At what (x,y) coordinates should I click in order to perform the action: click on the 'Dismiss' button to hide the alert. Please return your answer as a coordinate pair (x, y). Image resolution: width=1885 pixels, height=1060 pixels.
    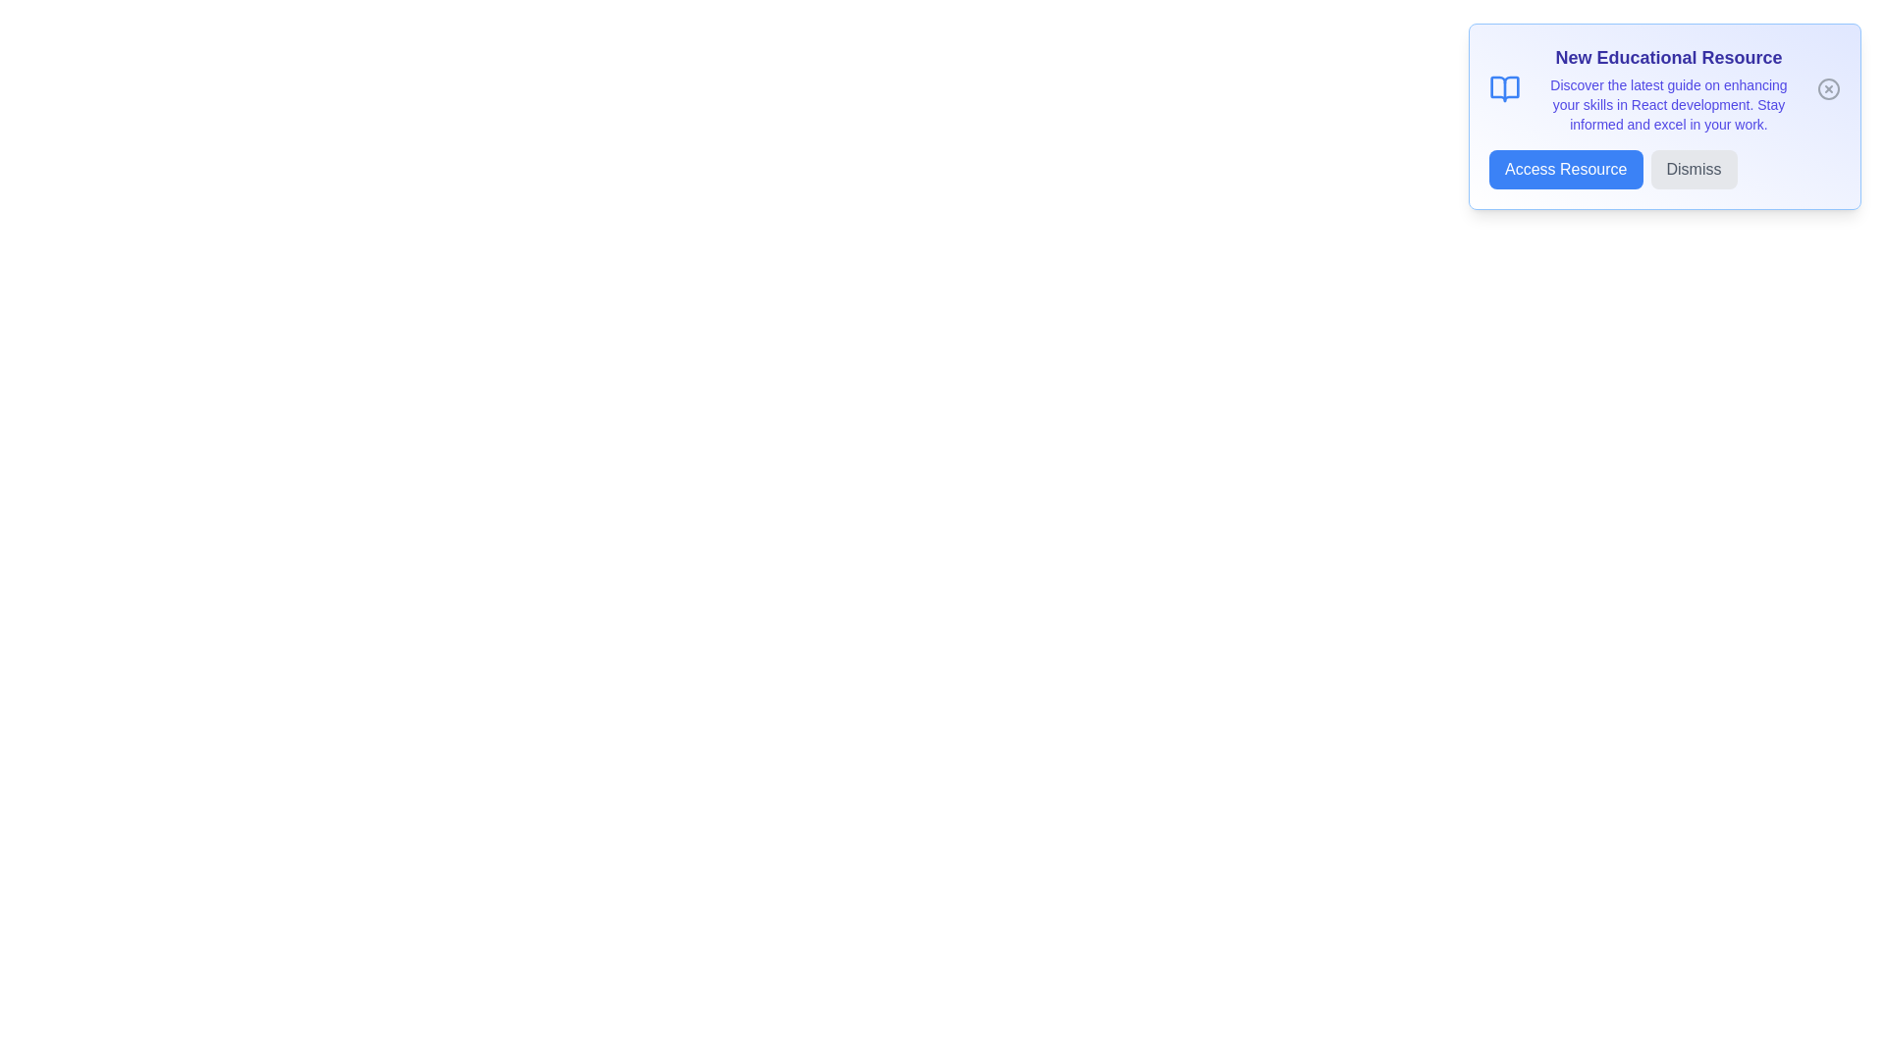
    Looking at the image, I should click on (1693, 169).